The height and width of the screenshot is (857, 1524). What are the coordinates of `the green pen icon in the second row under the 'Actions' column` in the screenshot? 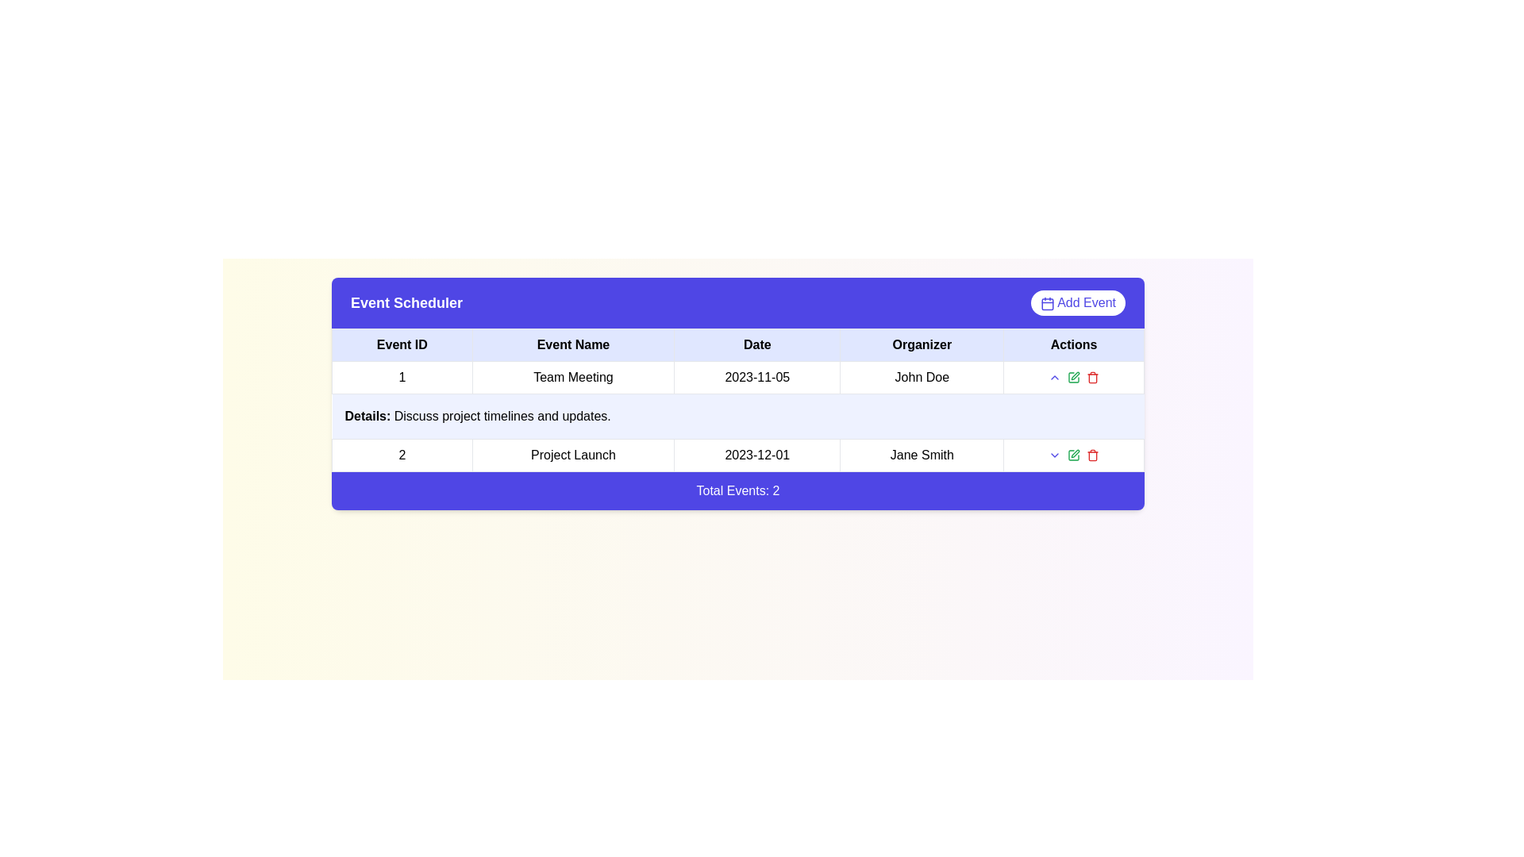 It's located at (1074, 377).